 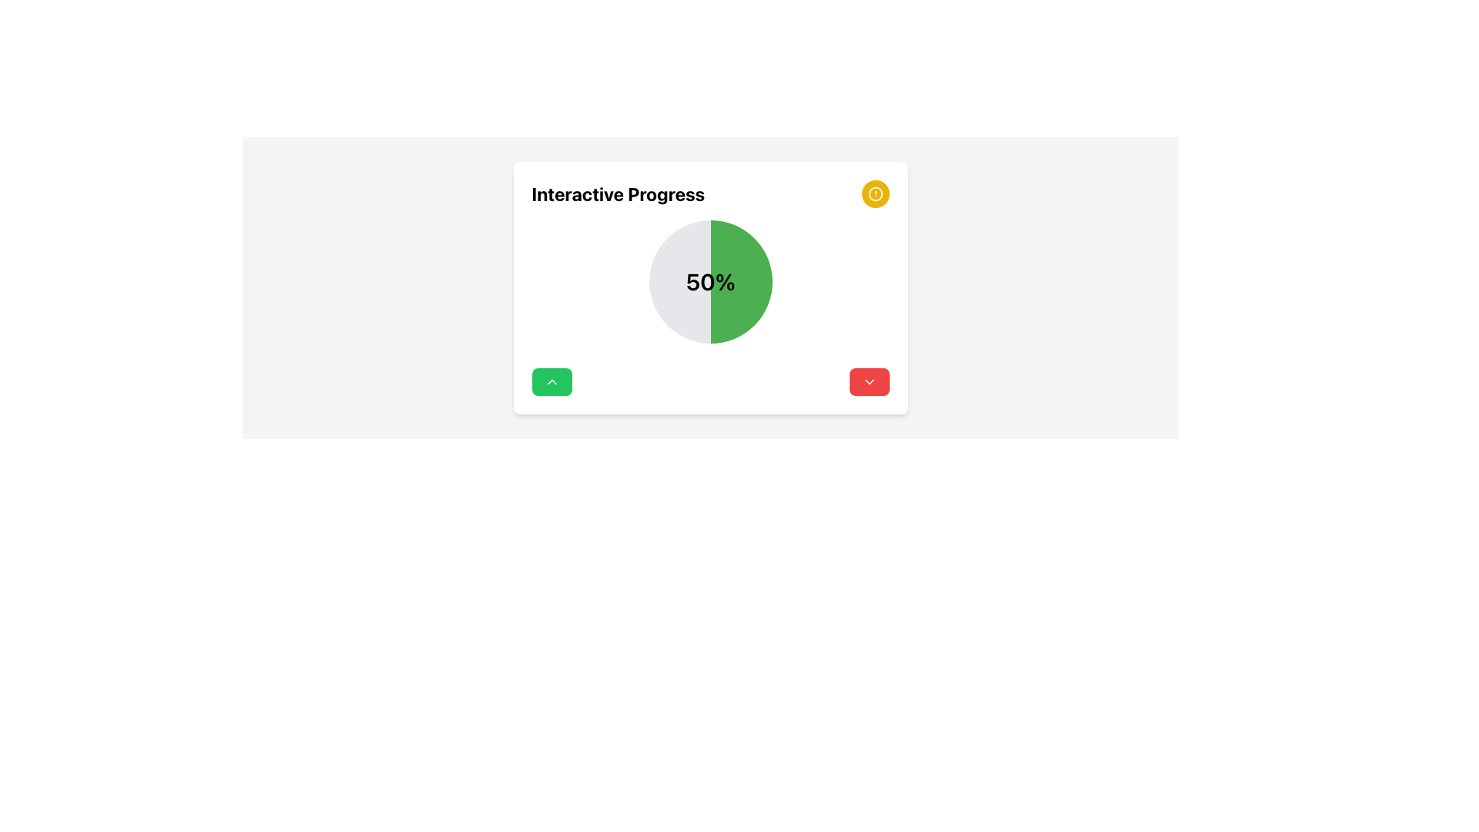 What do you see at coordinates (875, 193) in the screenshot?
I see `the circular alert icon with a yellow background and white border located at the top-right corner of the 'Interactive Progress' card widget` at bounding box center [875, 193].